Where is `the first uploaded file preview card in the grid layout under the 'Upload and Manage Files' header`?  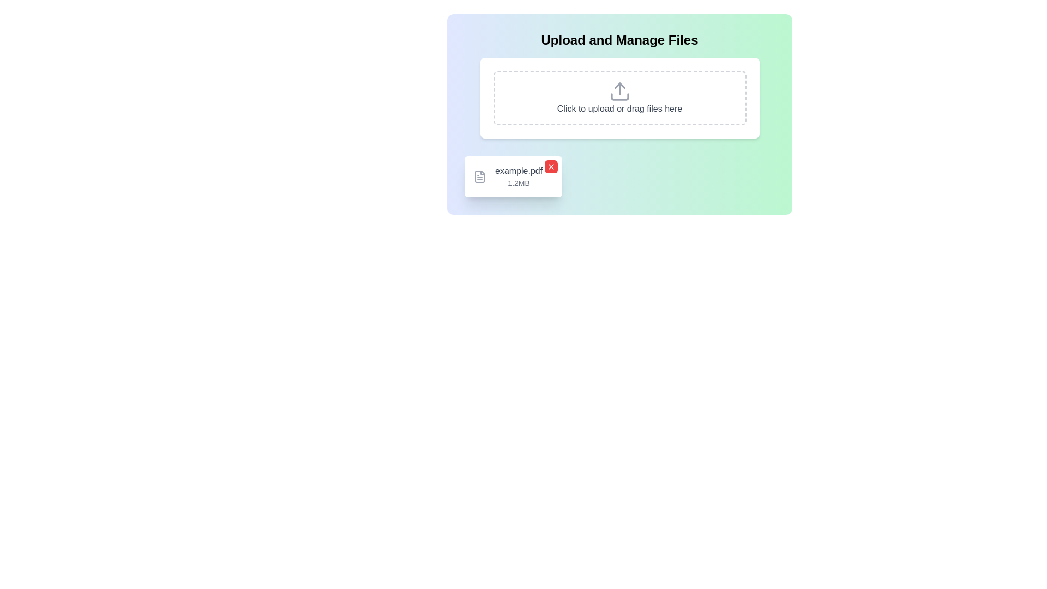
the first uploaded file preview card in the grid layout under the 'Upload and Manage Files' header is located at coordinates (513, 176).